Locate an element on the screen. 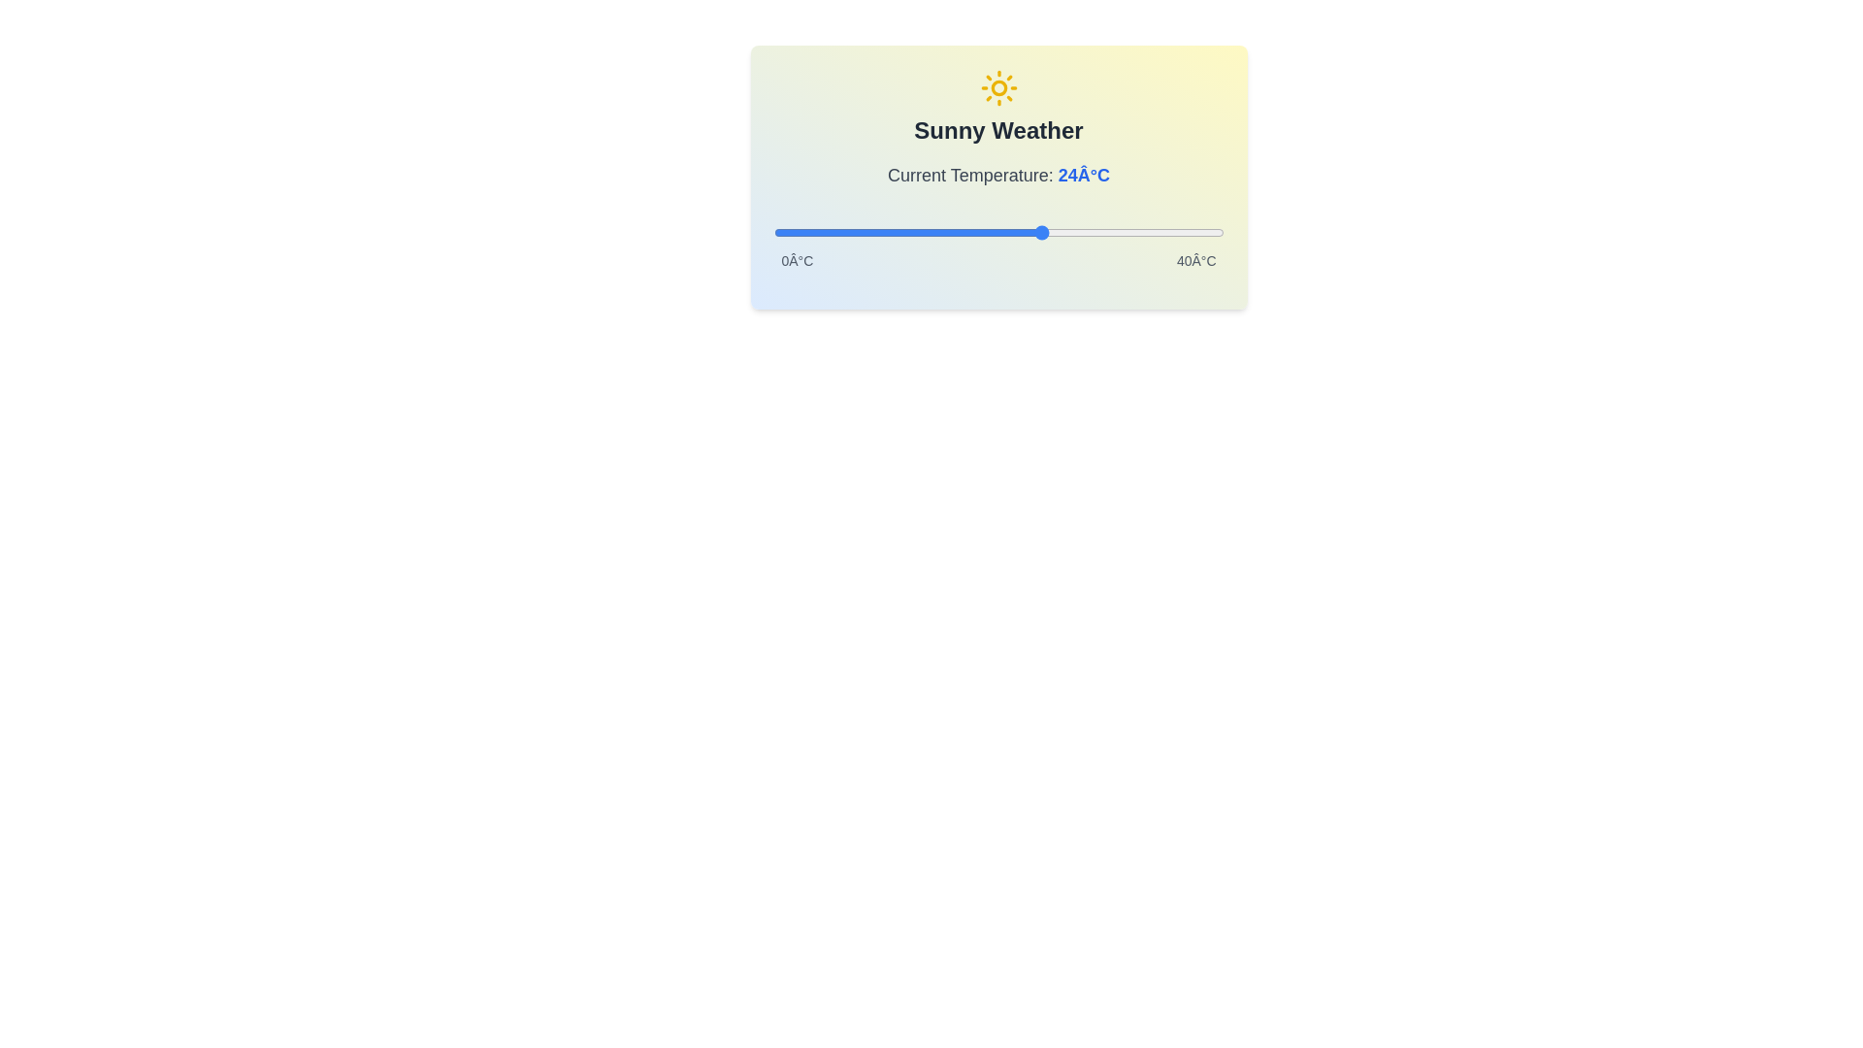 This screenshot has width=1863, height=1048. the temperature is located at coordinates (1200, 231).